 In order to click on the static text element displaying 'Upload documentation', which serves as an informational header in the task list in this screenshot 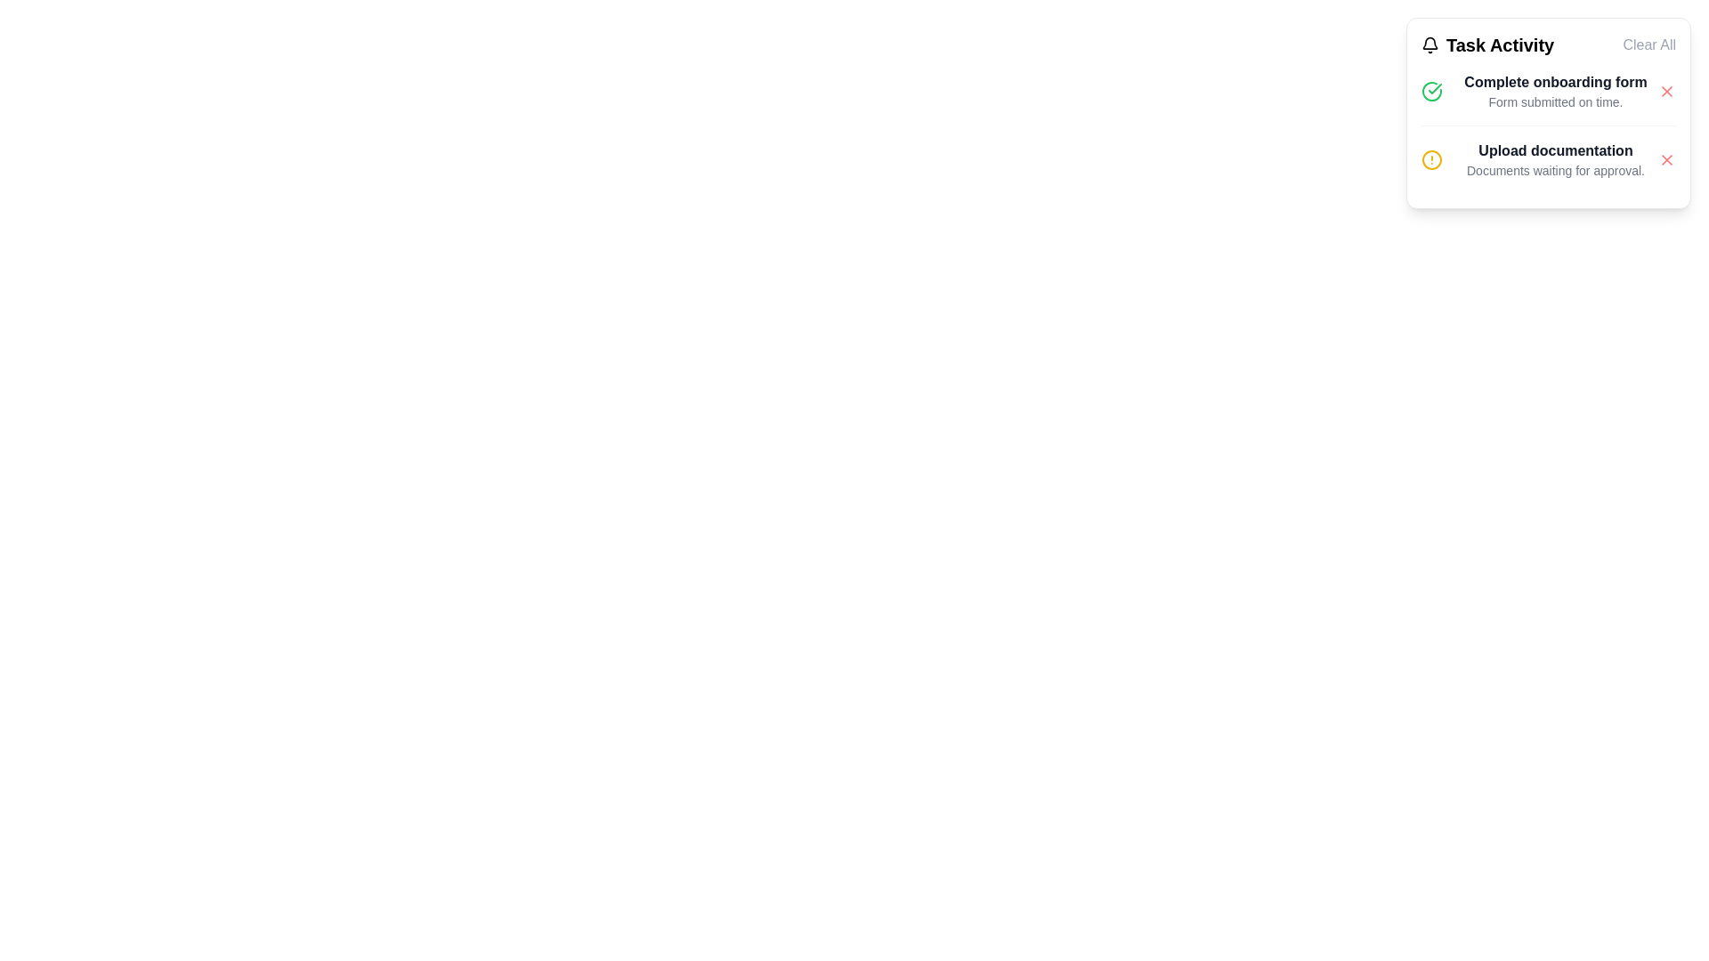, I will do `click(1554, 149)`.